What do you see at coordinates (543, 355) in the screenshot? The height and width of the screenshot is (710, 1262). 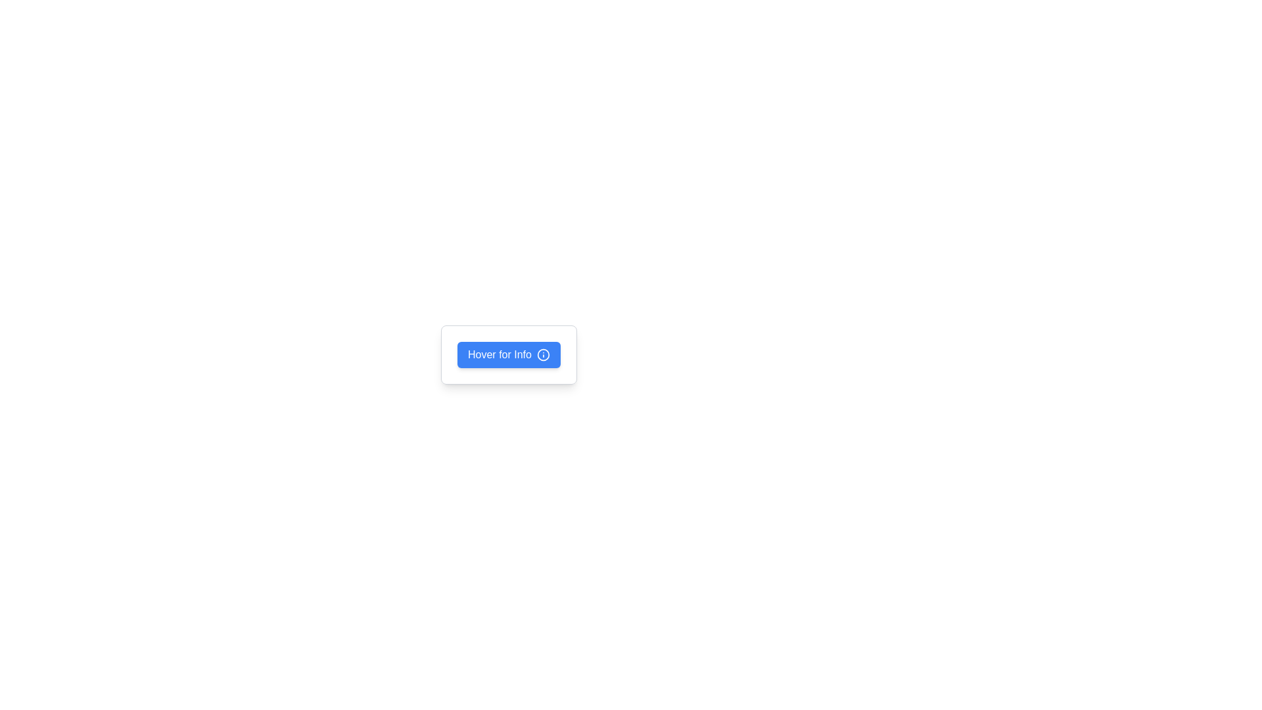 I see `the informational icon located at the right end of the 'Hover for Info' button to indicate its availability for additional details or help` at bounding box center [543, 355].